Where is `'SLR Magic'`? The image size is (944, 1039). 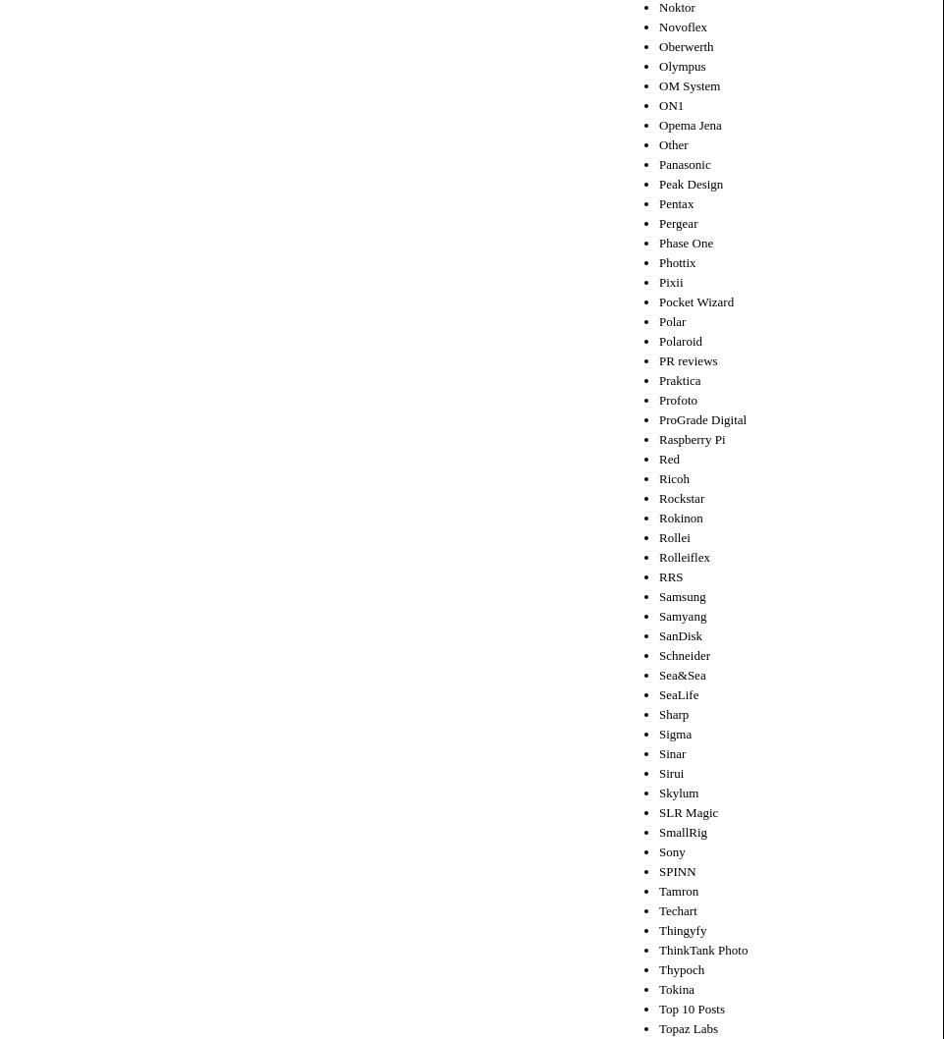
'SLR Magic' is located at coordinates (688, 810).